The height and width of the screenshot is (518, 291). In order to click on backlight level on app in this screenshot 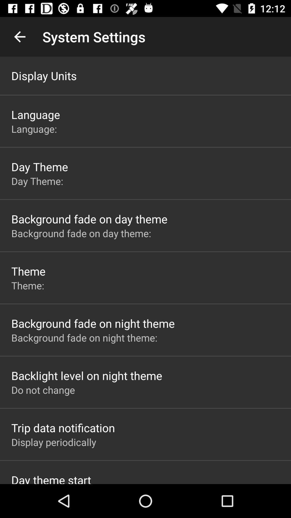, I will do `click(86, 375)`.